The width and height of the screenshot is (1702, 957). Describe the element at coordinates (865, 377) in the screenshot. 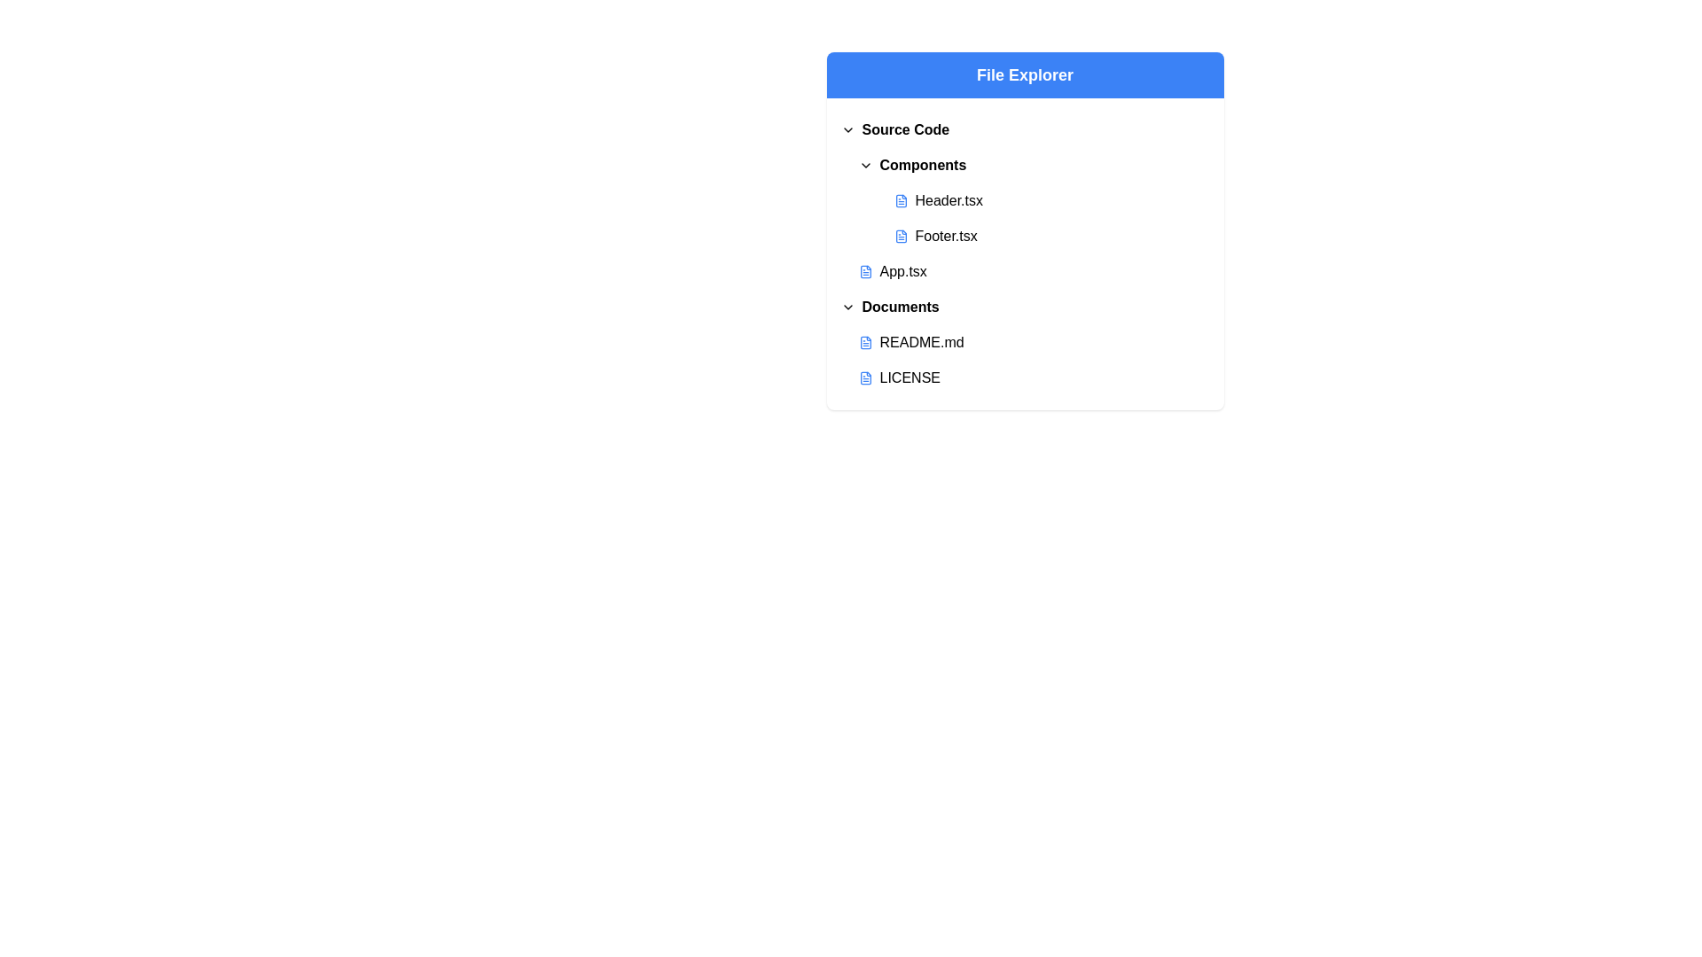

I see `the rectangular body of the file icon representing the document outline` at that location.